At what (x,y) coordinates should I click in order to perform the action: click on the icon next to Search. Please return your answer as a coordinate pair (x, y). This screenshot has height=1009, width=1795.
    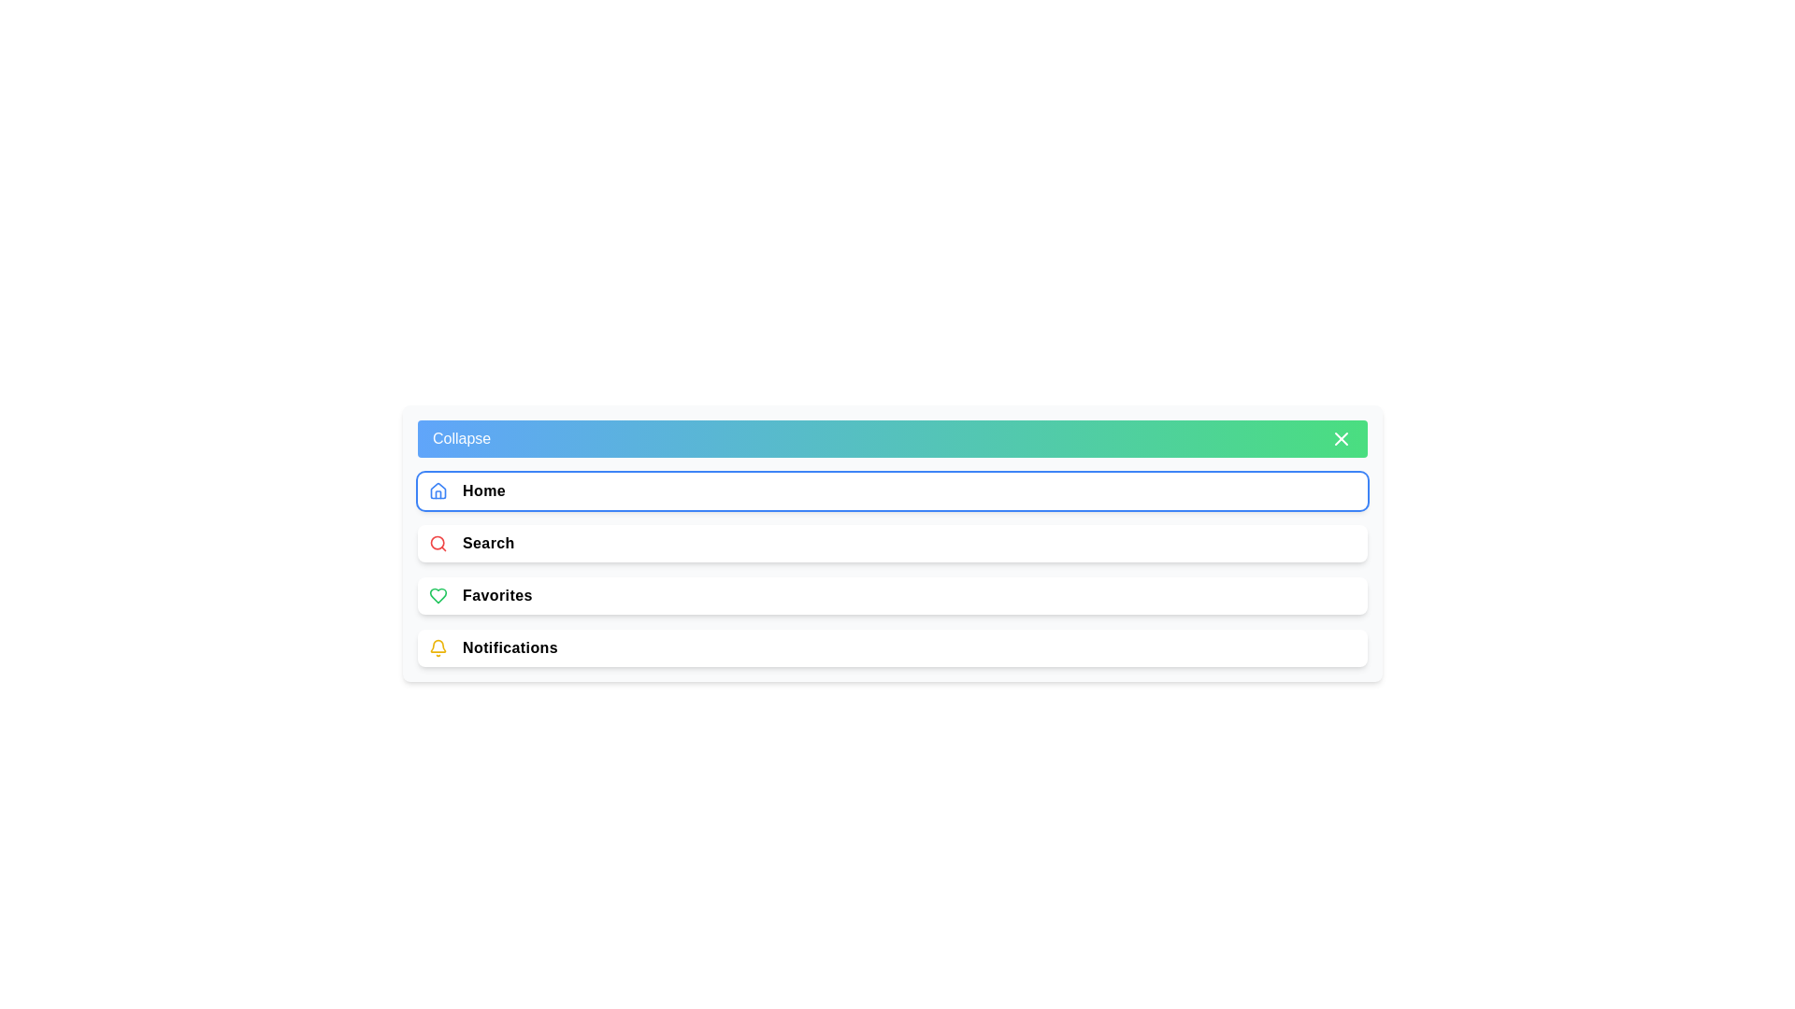
    Looking at the image, I should click on (438, 544).